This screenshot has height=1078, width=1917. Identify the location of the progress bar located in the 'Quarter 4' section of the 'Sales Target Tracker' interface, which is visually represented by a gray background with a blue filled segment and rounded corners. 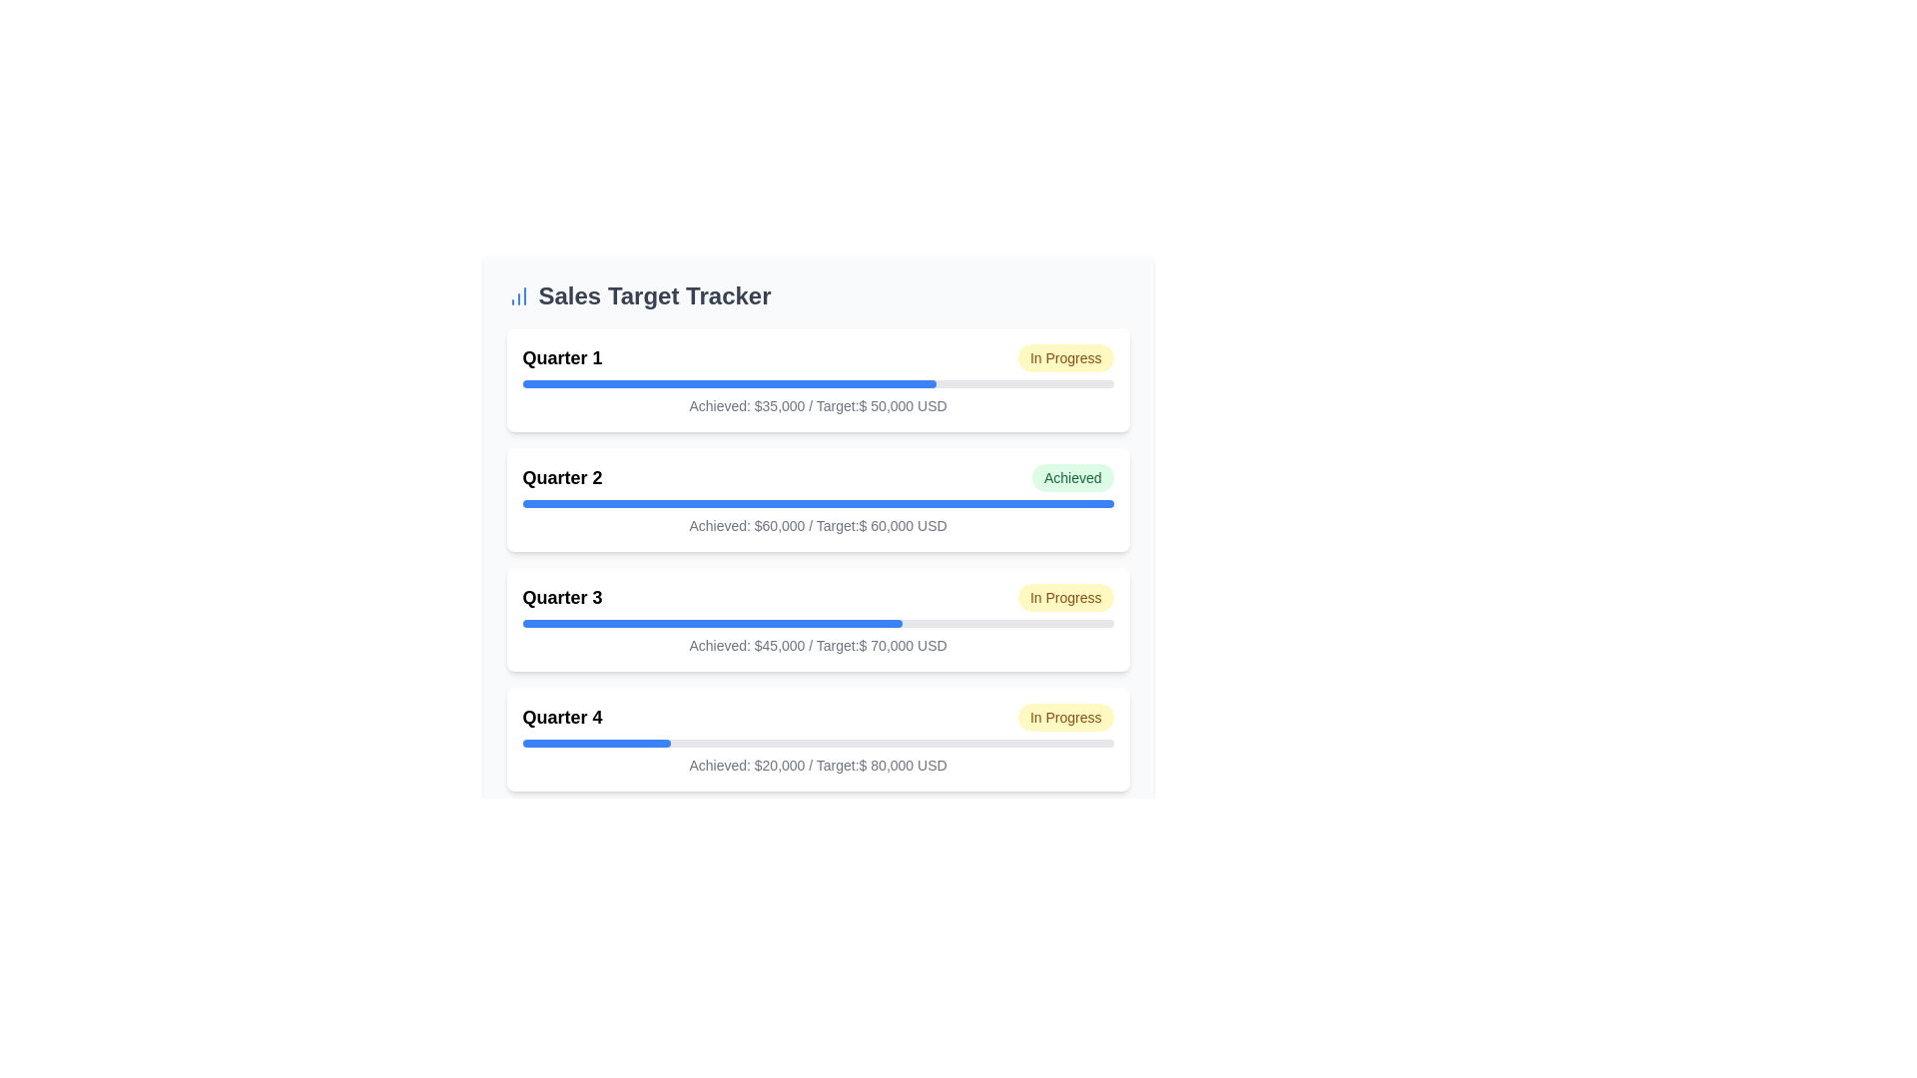
(818, 743).